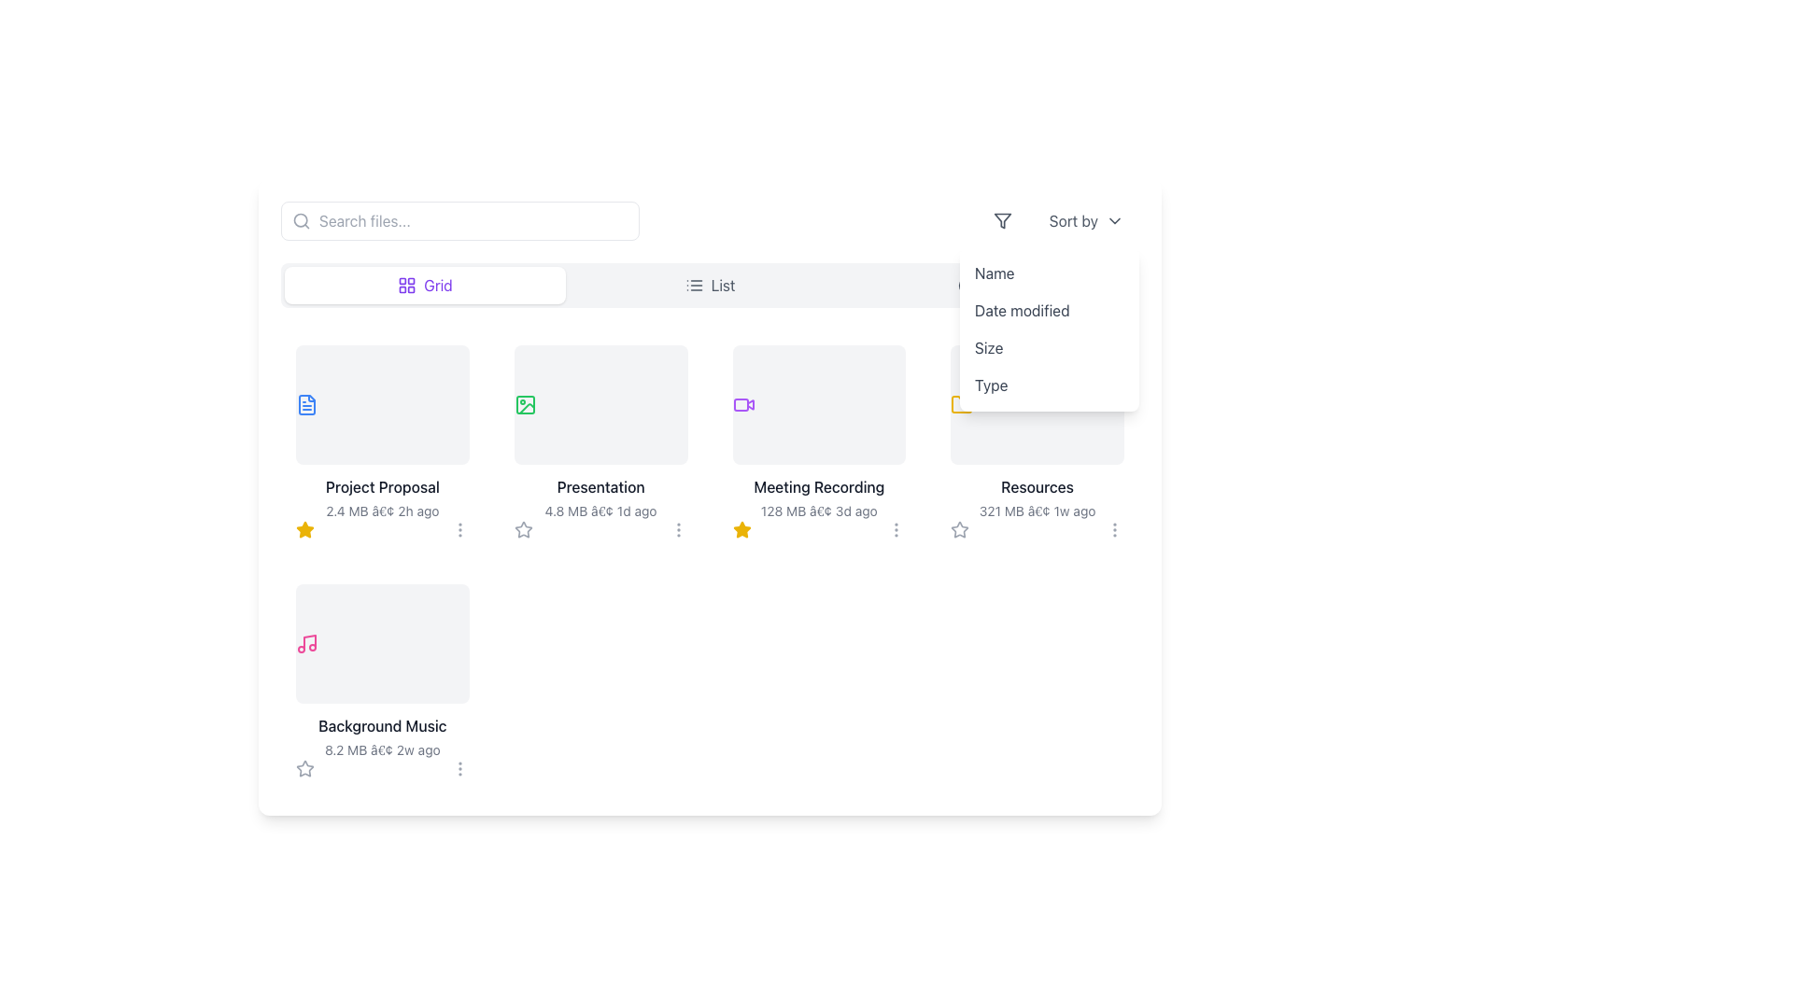 This screenshot has width=1793, height=1008. I want to click on the SVG circle element that represents the handle base of the search icon located at the top-left corner of the interface, inside the search bar text field, so click(301, 219).